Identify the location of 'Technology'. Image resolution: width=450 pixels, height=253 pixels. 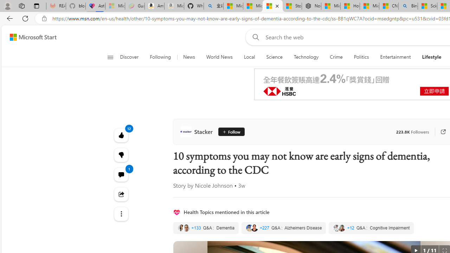
(306, 57).